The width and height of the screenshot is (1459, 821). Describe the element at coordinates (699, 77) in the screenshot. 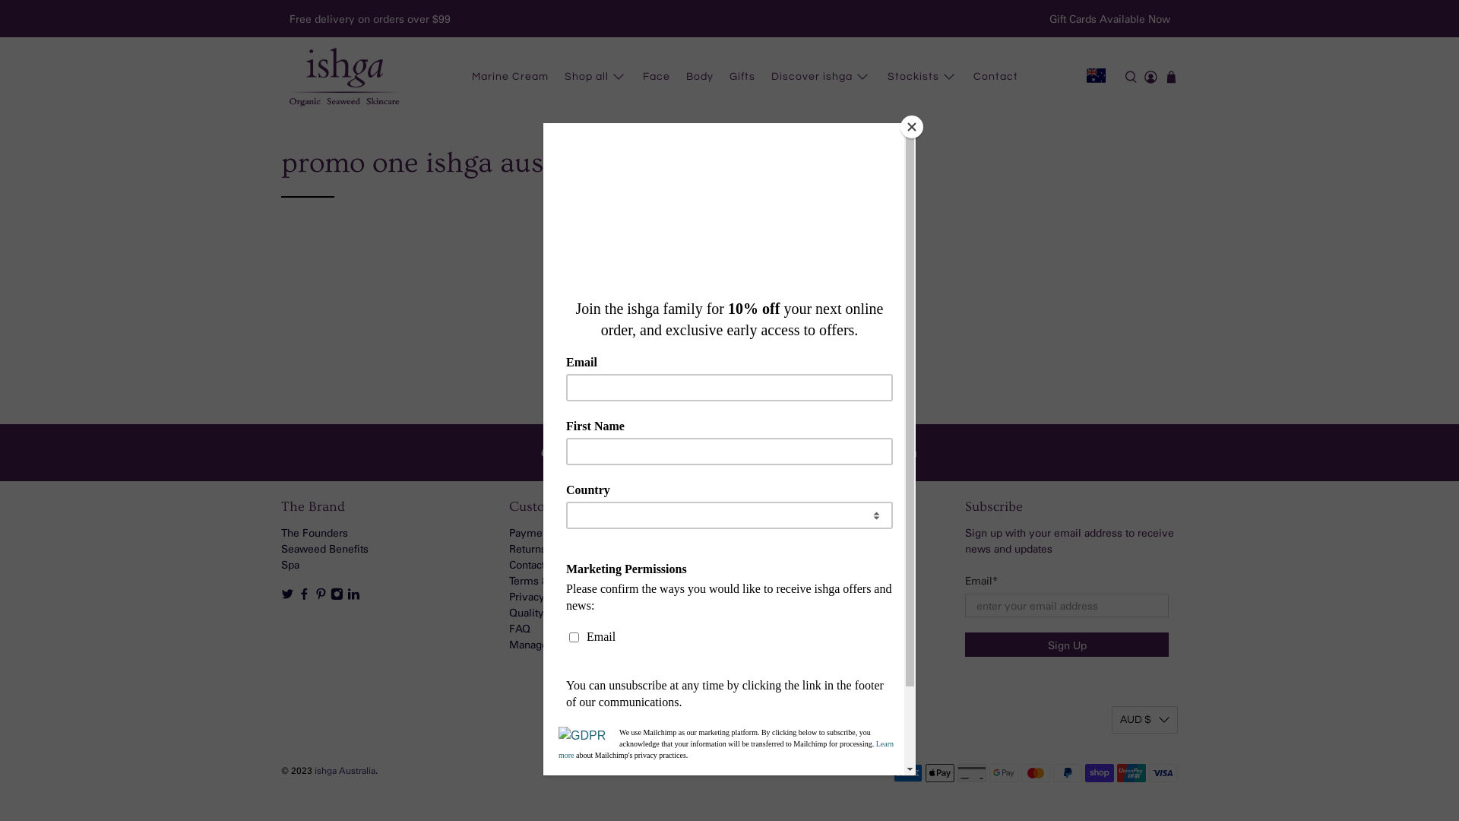

I see `'Body'` at that location.